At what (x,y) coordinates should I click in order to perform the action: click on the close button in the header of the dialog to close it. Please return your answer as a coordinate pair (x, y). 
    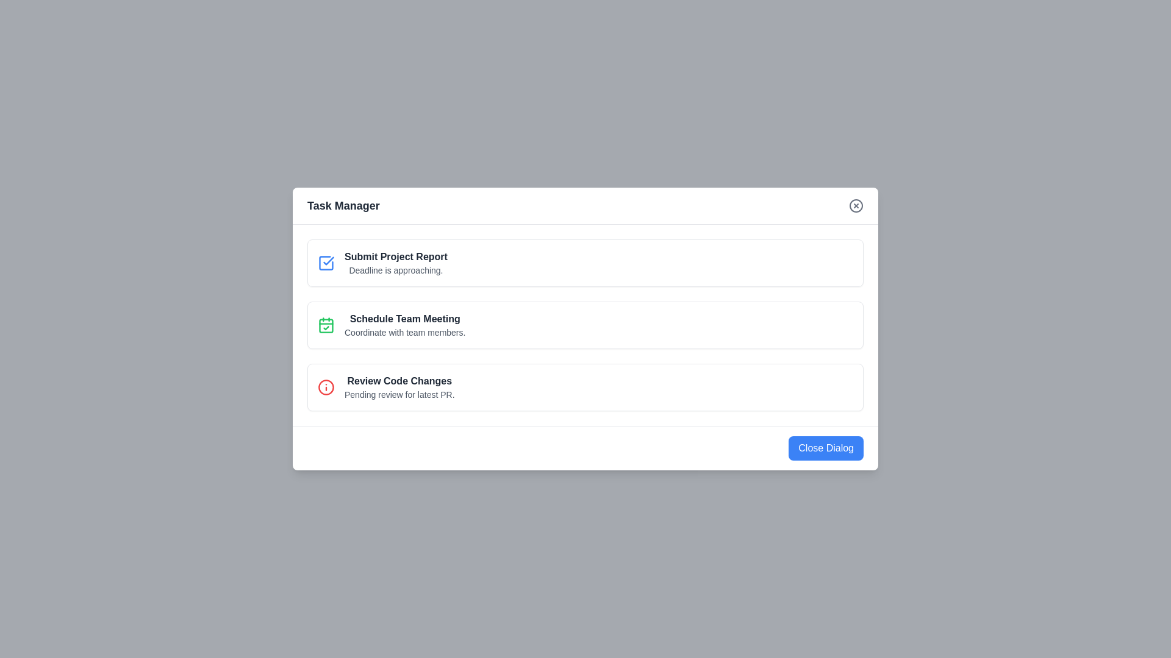
    Looking at the image, I should click on (855, 205).